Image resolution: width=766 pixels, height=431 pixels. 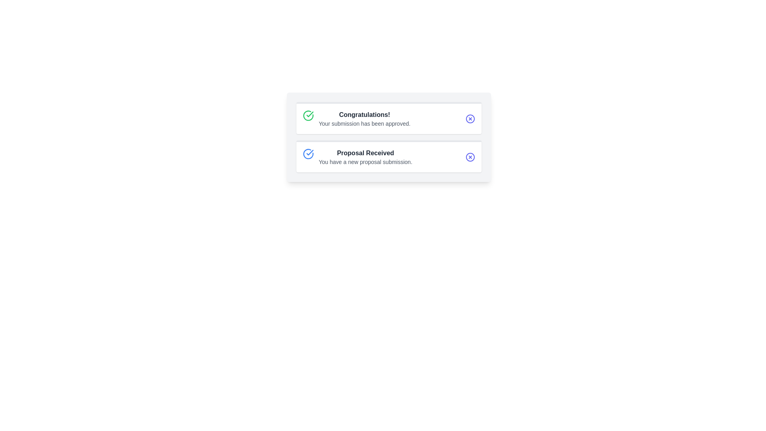 What do you see at coordinates (389, 156) in the screenshot?
I see `the notification element that indicates a new proposal has been received, located below the 'Congratulations! Your submission has been approved.' section` at bounding box center [389, 156].